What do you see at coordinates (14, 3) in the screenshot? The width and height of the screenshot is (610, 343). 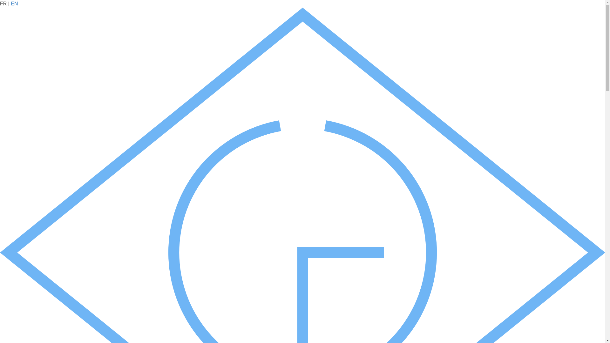 I see `'EN'` at bounding box center [14, 3].